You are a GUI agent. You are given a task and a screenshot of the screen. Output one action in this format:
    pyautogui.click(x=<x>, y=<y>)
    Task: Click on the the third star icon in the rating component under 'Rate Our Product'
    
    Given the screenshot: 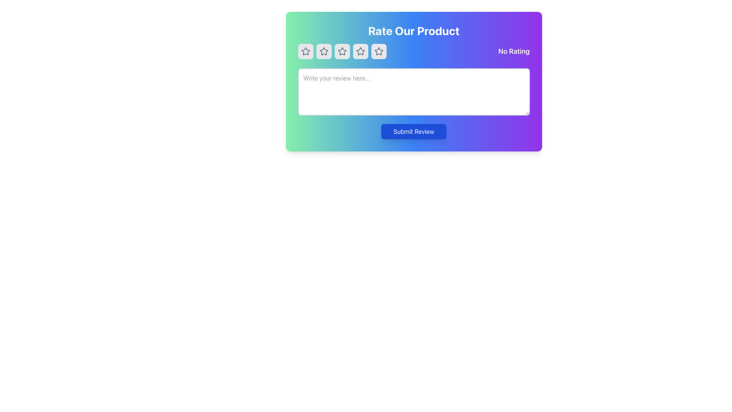 What is the action you would take?
    pyautogui.click(x=360, y=51)
    